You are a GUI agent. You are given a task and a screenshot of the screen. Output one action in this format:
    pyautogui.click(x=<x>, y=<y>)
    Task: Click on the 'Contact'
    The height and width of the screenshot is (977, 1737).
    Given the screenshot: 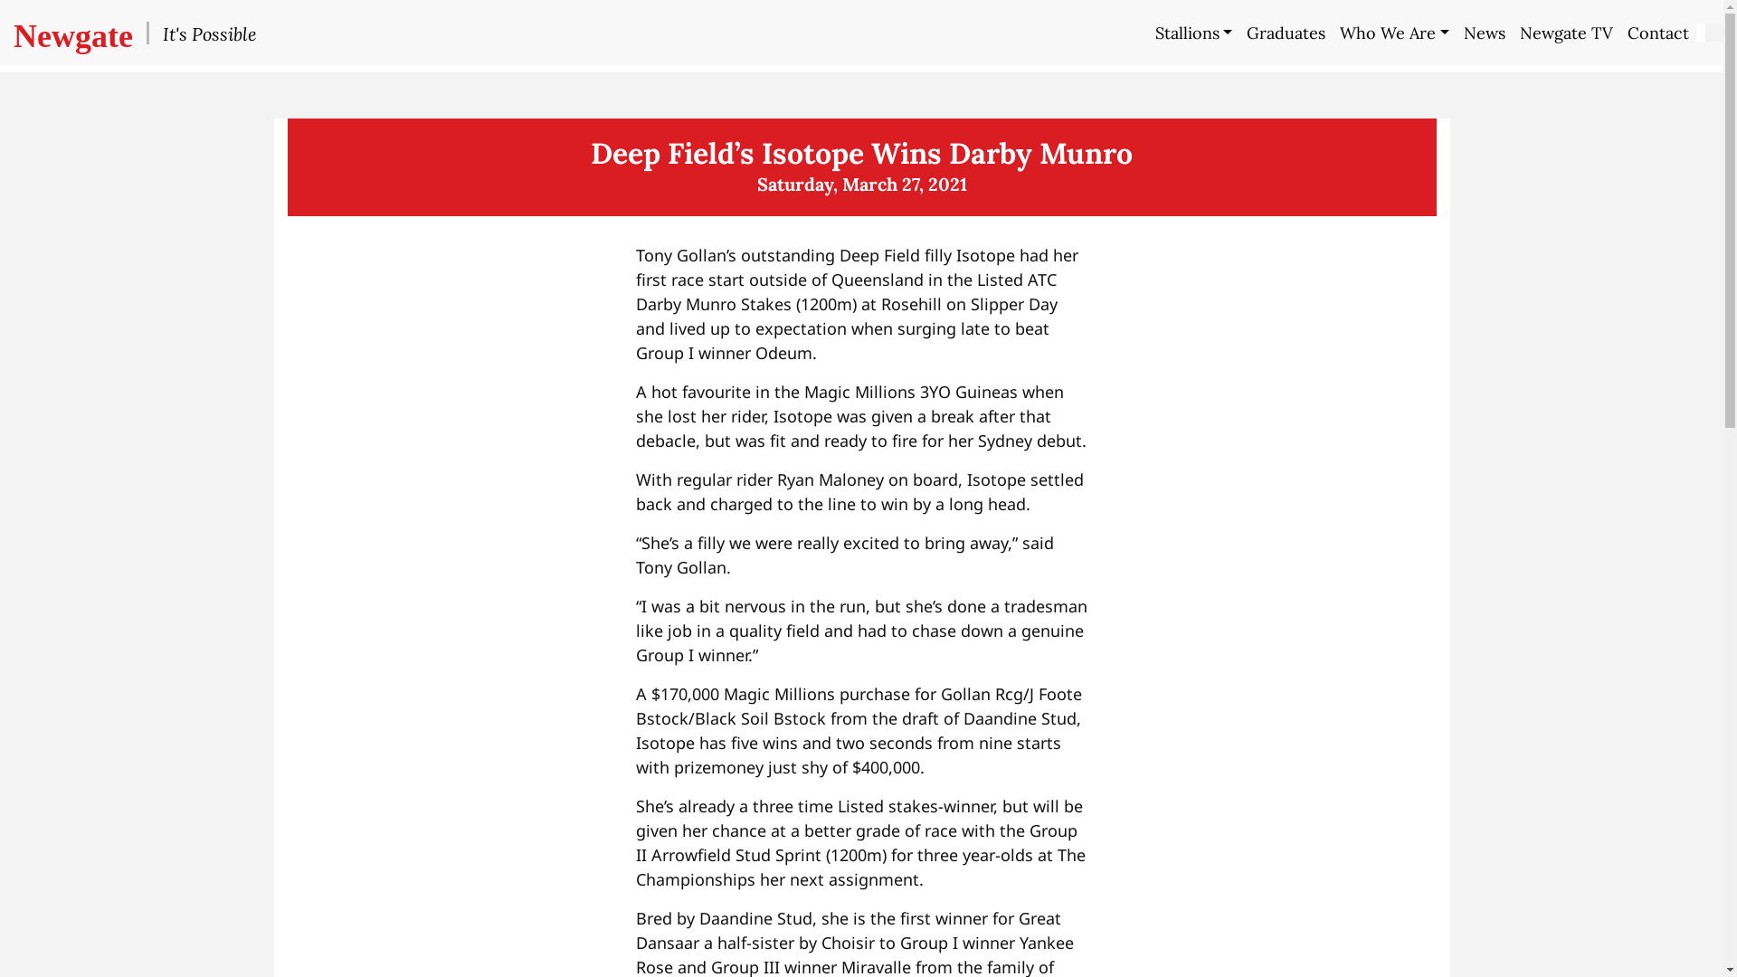 What is the action you would take?
    pyautogui.click(x=1658, y=32)
    